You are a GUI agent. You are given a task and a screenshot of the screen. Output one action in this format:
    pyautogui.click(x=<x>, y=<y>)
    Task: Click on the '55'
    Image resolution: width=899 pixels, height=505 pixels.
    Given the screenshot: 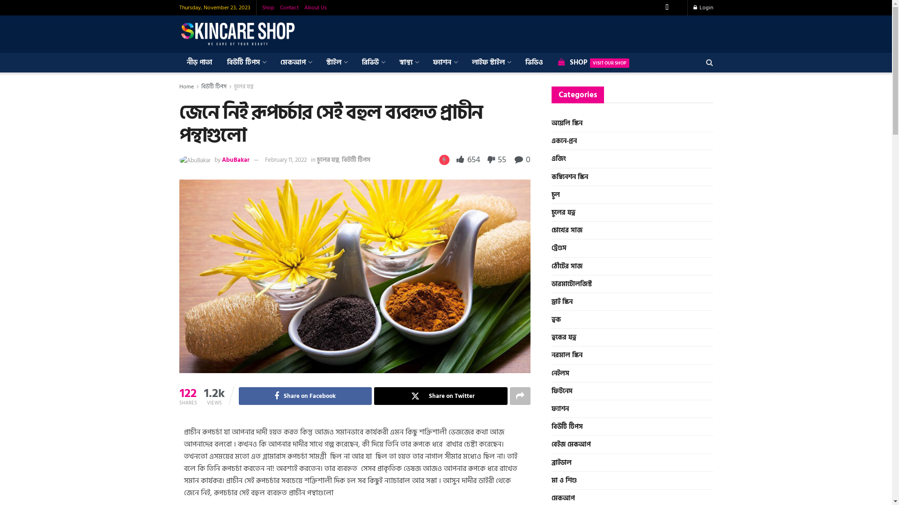 What is the action you would take?
    pyautogui.click(x=482, y=159)
    